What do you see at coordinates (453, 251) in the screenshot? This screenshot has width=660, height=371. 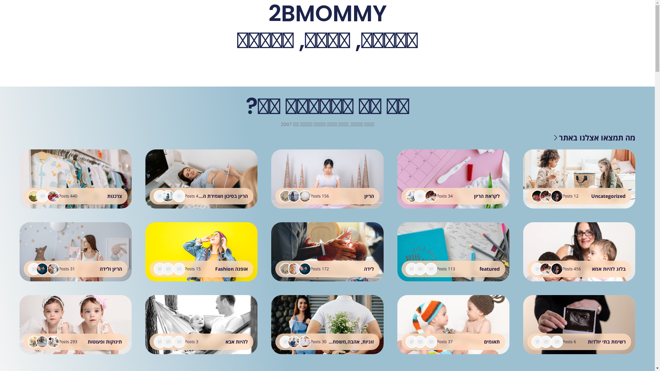 I see `'featured` at bounding box center [453, 251].